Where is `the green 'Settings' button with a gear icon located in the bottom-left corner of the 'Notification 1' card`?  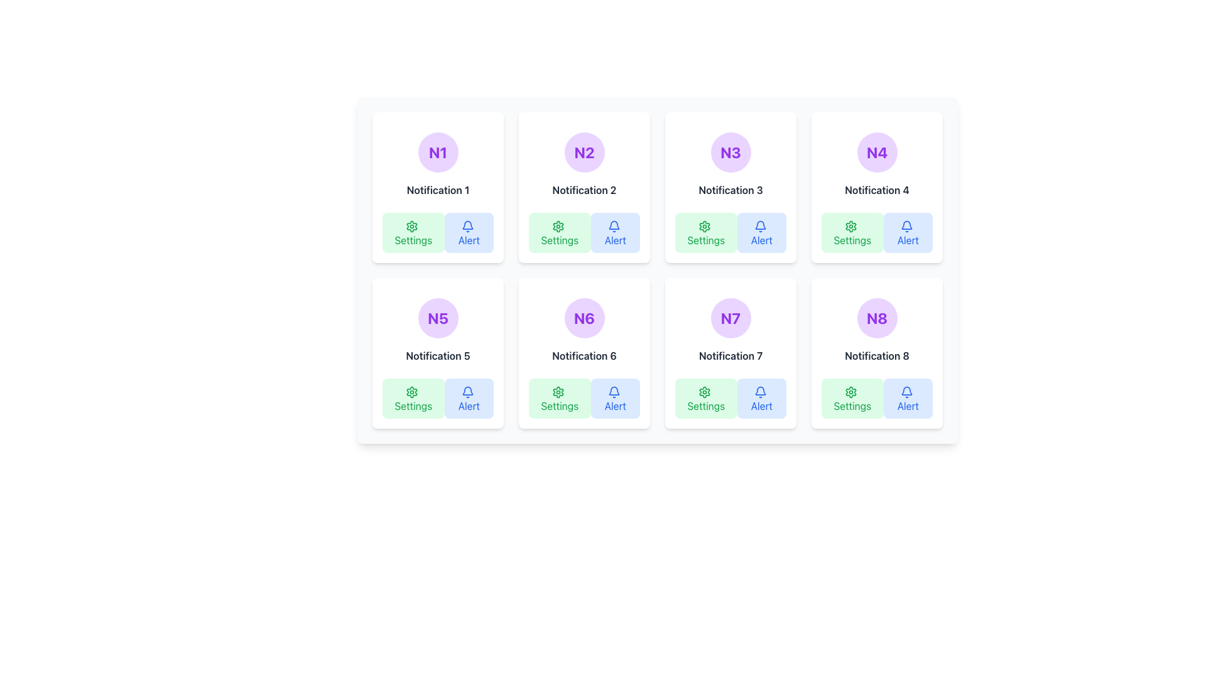 the green 'Settings' button with a gear icon located in the bottom-left corner of the 'Notification 1' card is located at coordinates (413, 232).